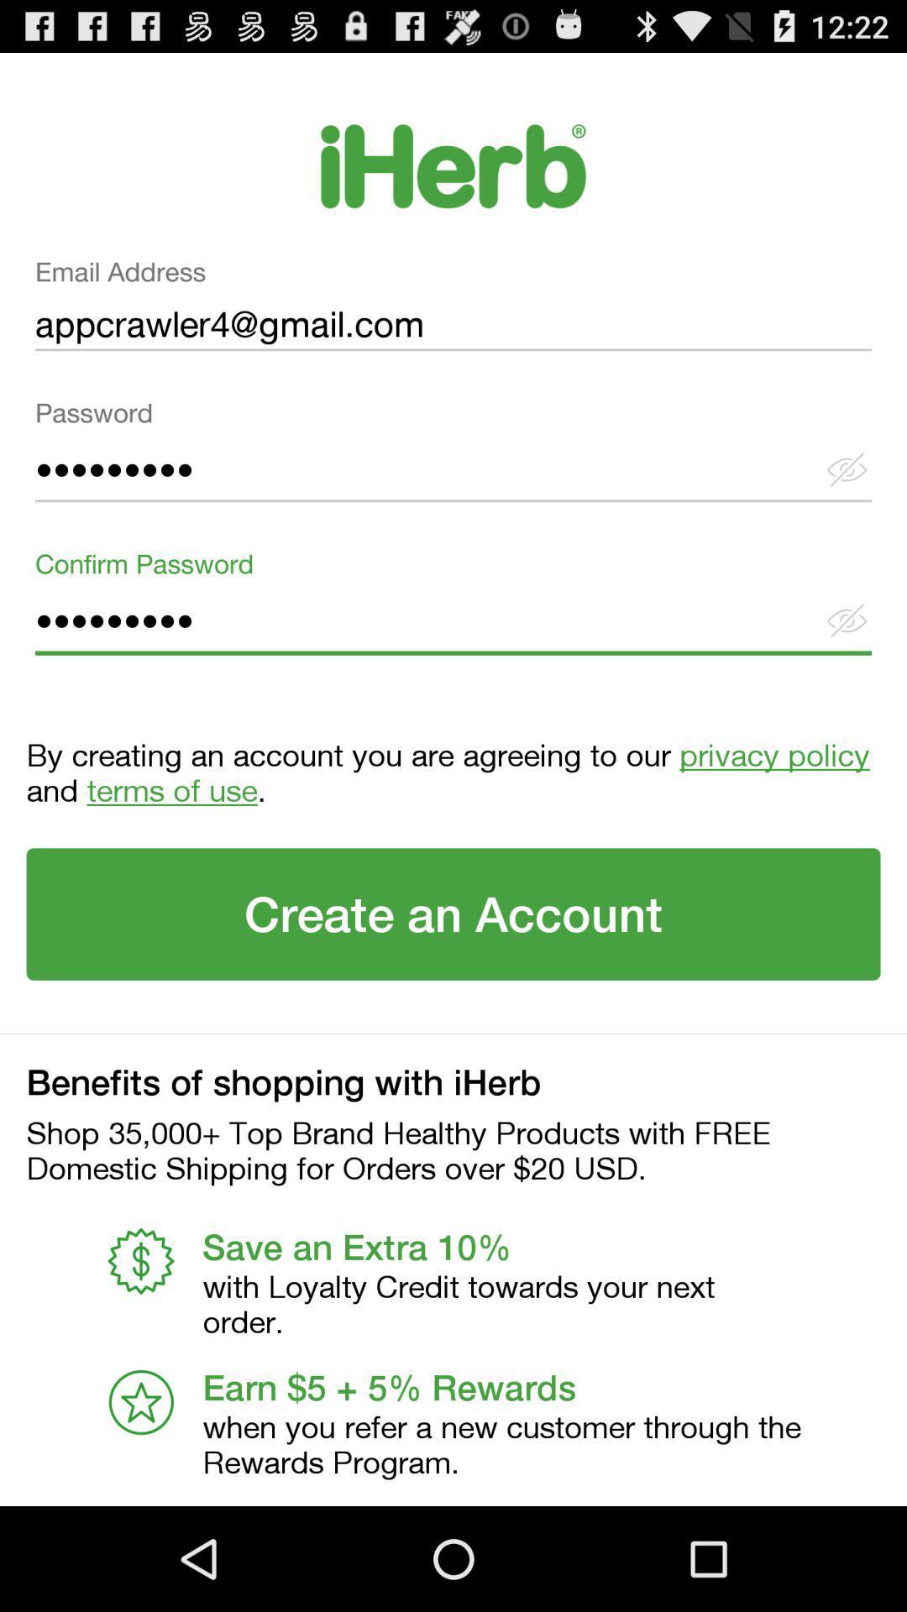 The image size is (907, 1612). Describe the element at coordinates (453, 607) in the screenshot. I see `the text field confirm password on the web page` at that location.